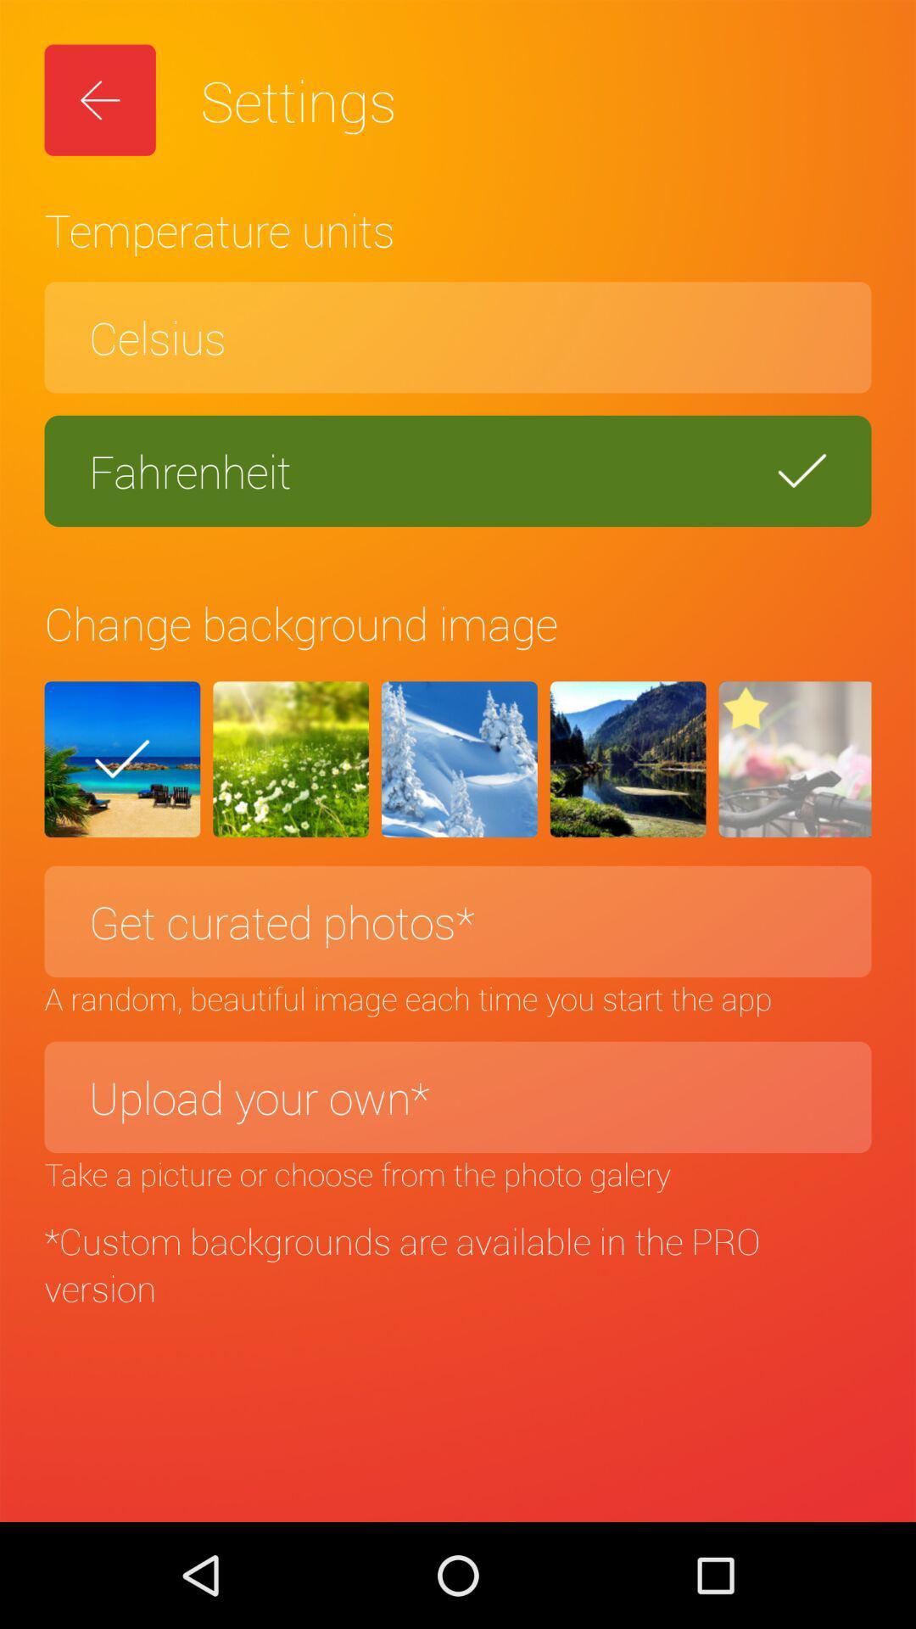 Image resolution: width=916 pixels, height=1629 pixels. Describe the element at coordinates (100, 99) in the screenshot. I see `the icon above temperature units icon` at that location.